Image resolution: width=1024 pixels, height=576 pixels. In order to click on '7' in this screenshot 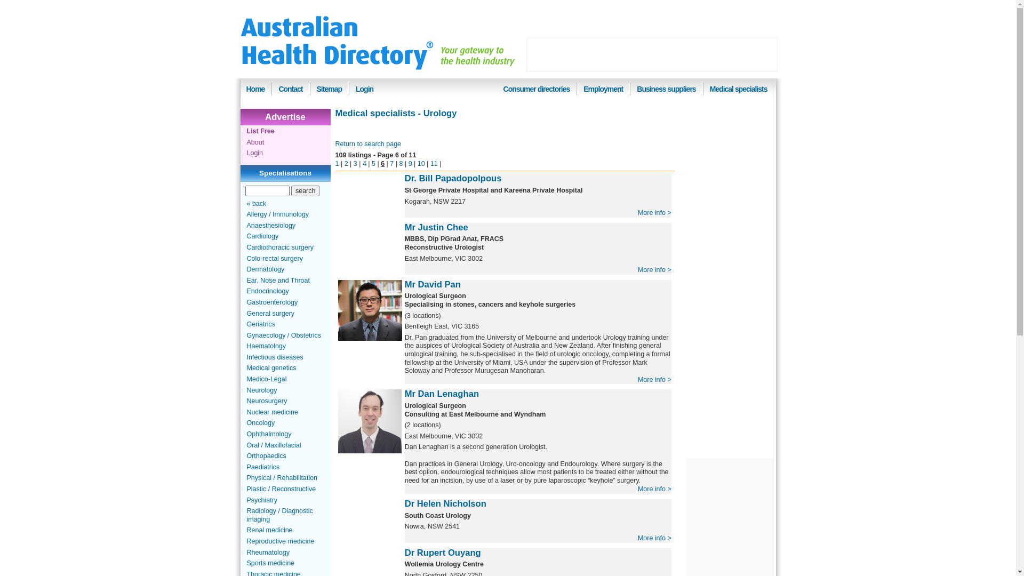, I will do `click(389, 164)`.